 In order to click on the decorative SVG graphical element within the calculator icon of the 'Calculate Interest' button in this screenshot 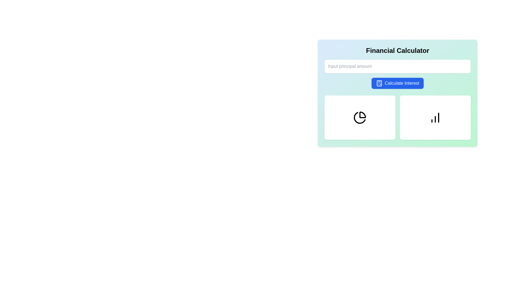, I will do `click(379, 83)`.